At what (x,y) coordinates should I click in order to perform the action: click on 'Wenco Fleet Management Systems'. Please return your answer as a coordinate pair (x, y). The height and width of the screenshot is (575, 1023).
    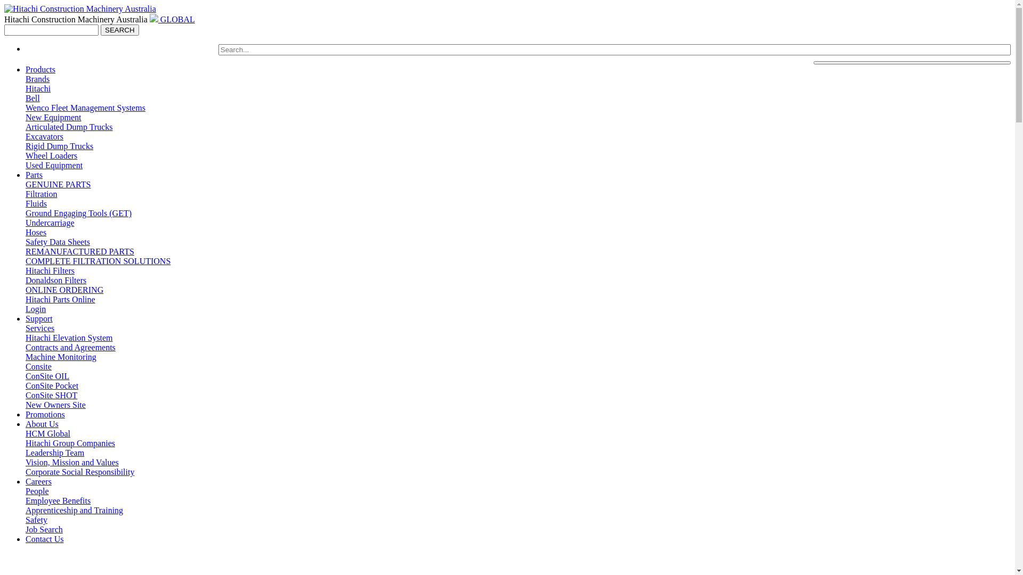
    Looking at the image, I should click on (85, 108).